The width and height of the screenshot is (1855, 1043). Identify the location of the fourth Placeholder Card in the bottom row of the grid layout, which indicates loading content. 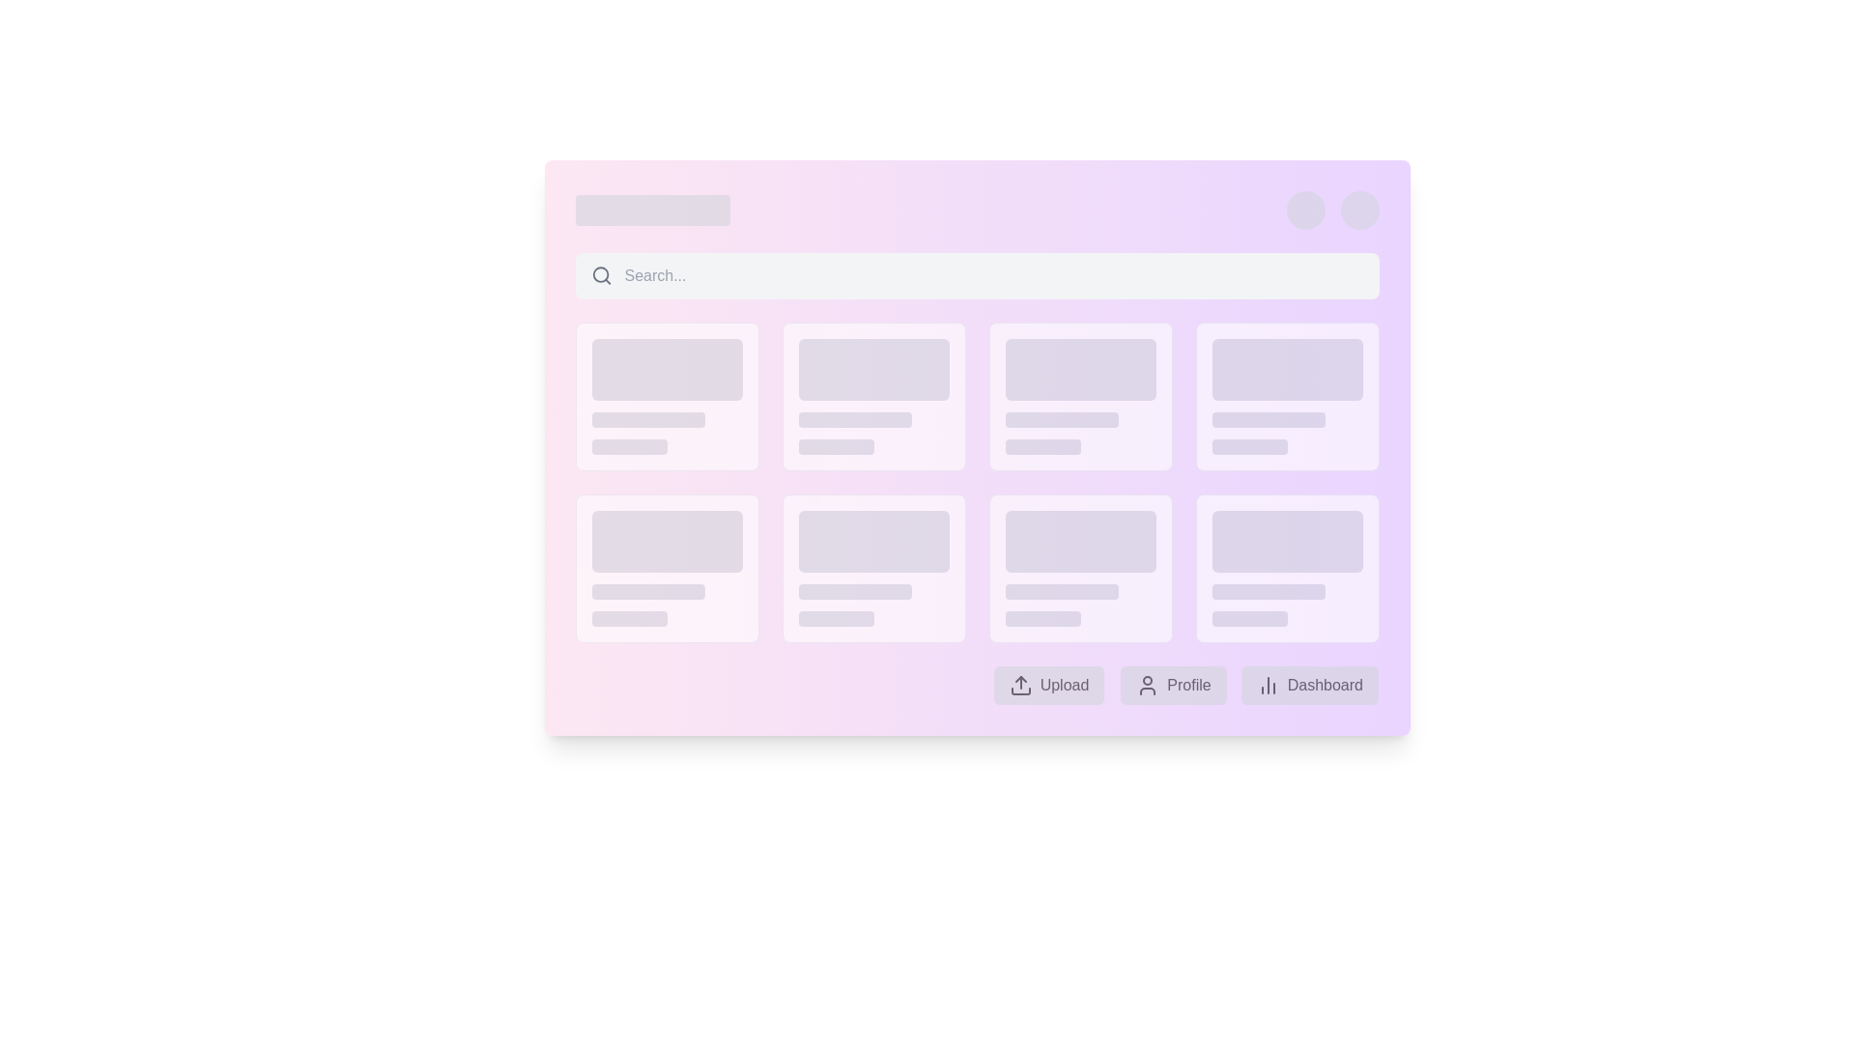
(1287, 568).